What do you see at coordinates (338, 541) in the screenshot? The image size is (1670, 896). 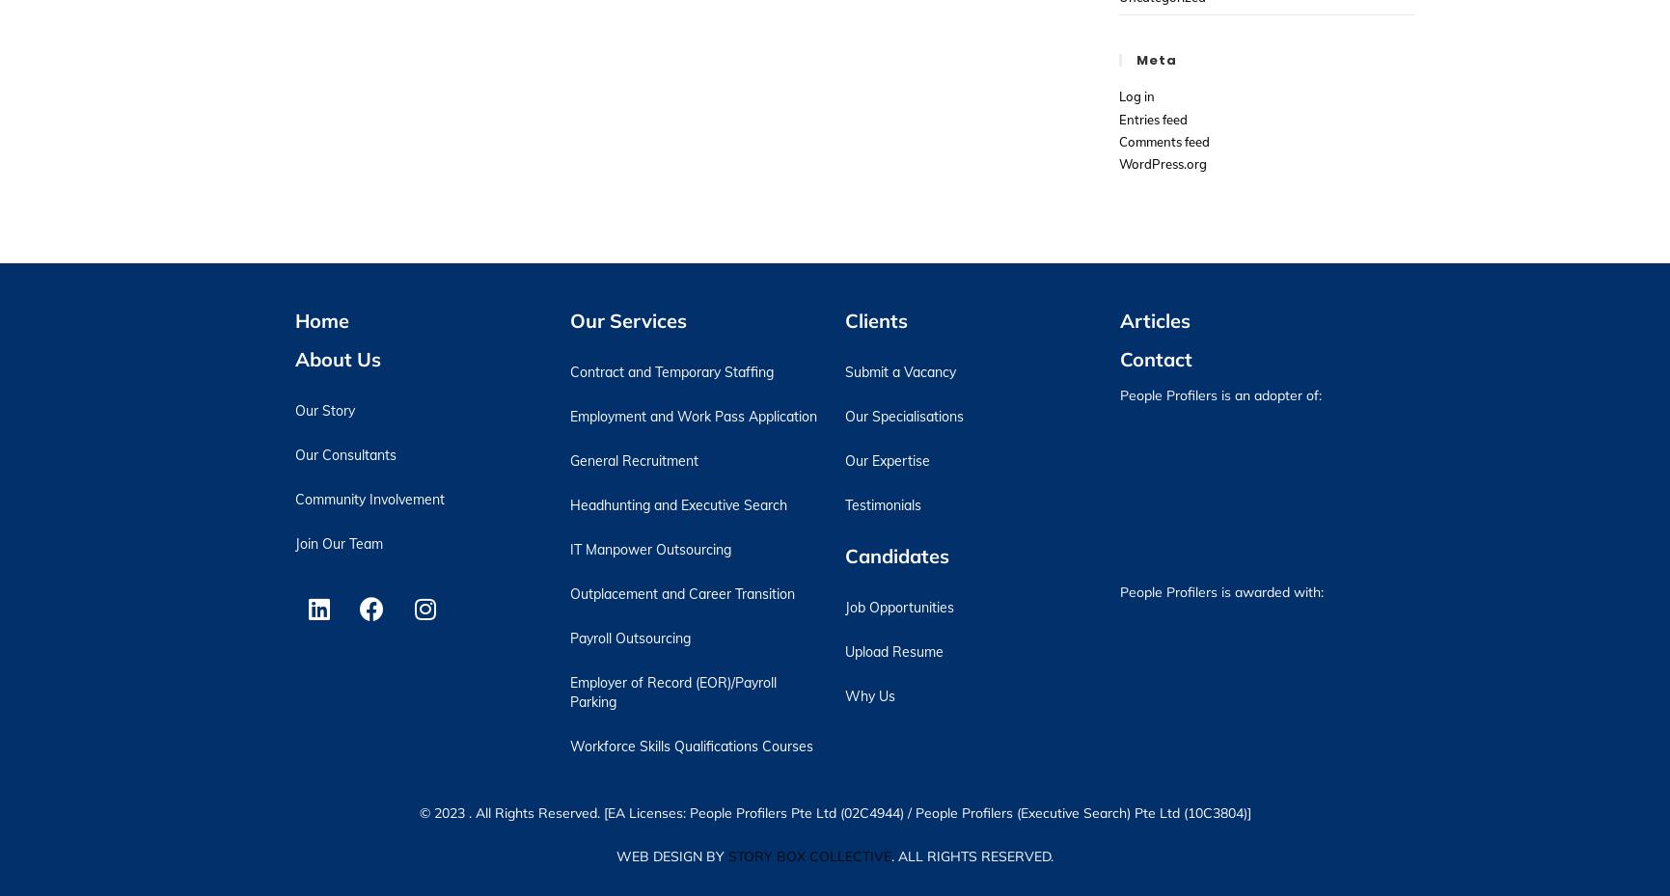 I see `'Join Our Team'` at bounding box center [338, 541].